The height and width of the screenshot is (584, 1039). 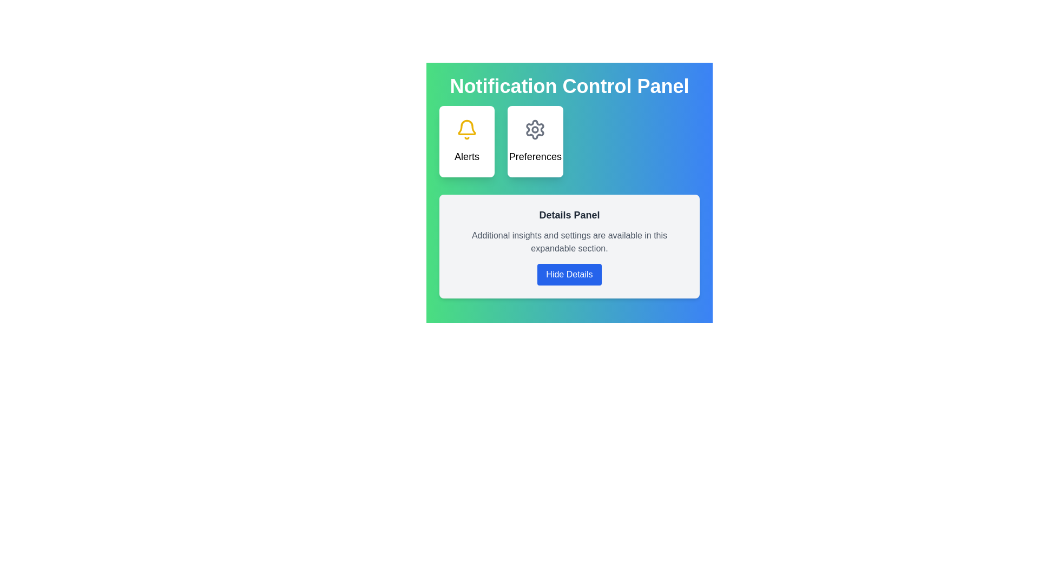 I want to click on the 'Hide Details' button located within the Notification Control Panel to hide the details section, so click(x=569, y=185).